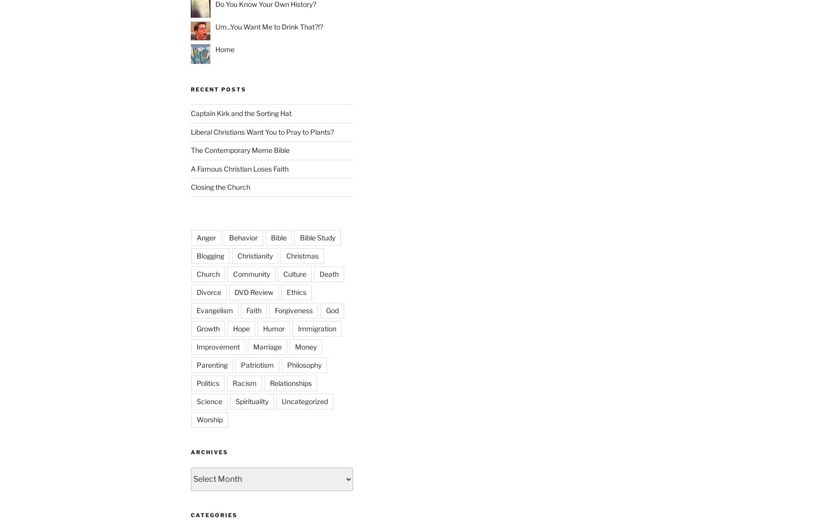 Image resolution: width=832 pixels, height=526 pixels. What do you see at coordinates (206, 237) in the screenshot?
I see `'Anger'` at bounding box center [206, 237].